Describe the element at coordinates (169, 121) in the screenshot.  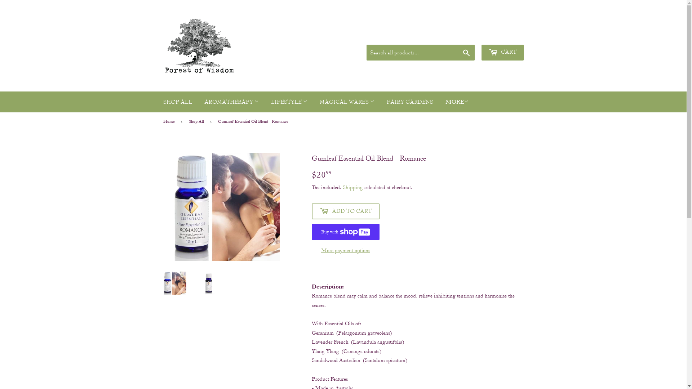
I see `'Home'` at that location.